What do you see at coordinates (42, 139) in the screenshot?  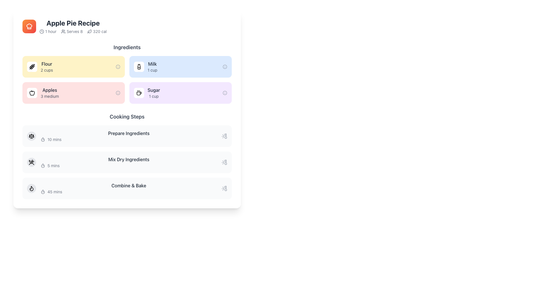 I see `the timer icon located at the top-left corner of the 'Prepare Ingredients' row in the 'Cooking Steps' section` at bounding box center [42, 139].